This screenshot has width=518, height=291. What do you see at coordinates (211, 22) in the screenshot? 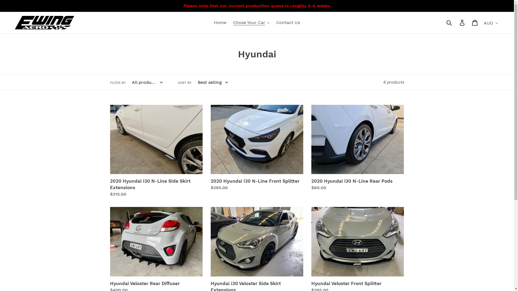
I see `'Home'` at bounding box center [211, 22].